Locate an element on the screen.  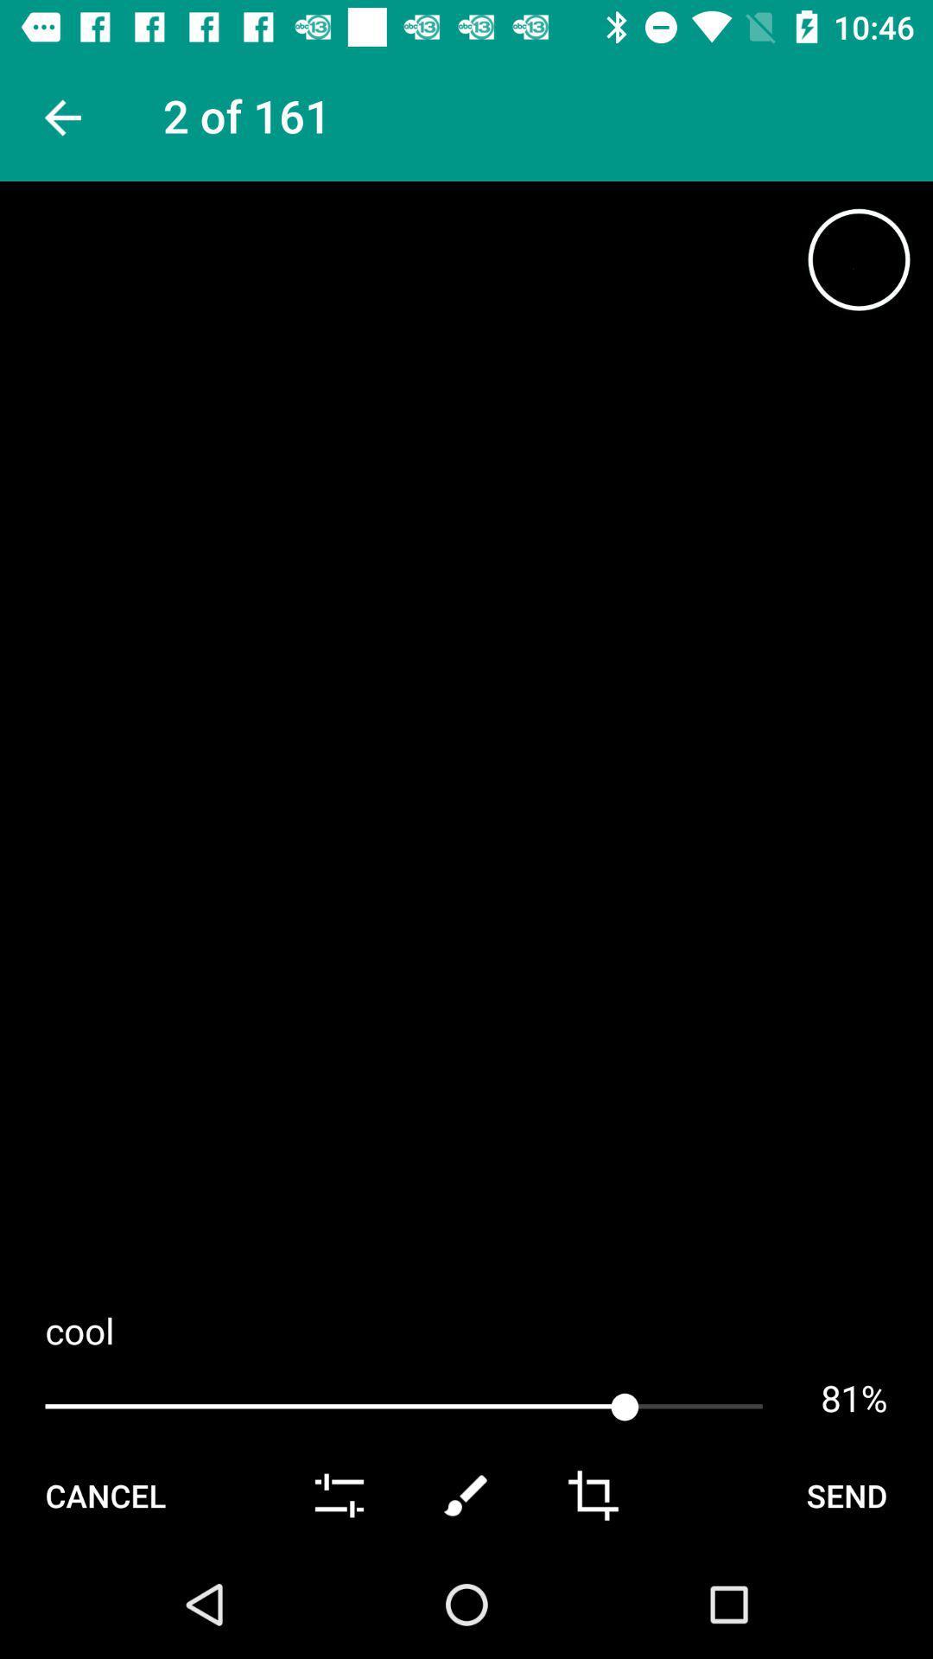
item to the right of the cancel icon is located at coordinates (340, 1495).